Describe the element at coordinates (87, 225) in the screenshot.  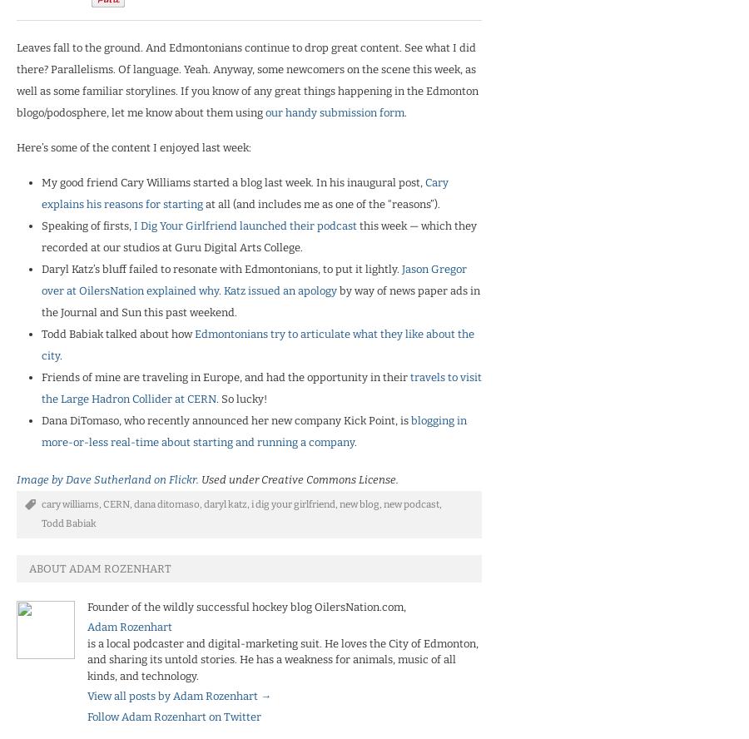
I see `'Speaking of firsts,'` at that location.